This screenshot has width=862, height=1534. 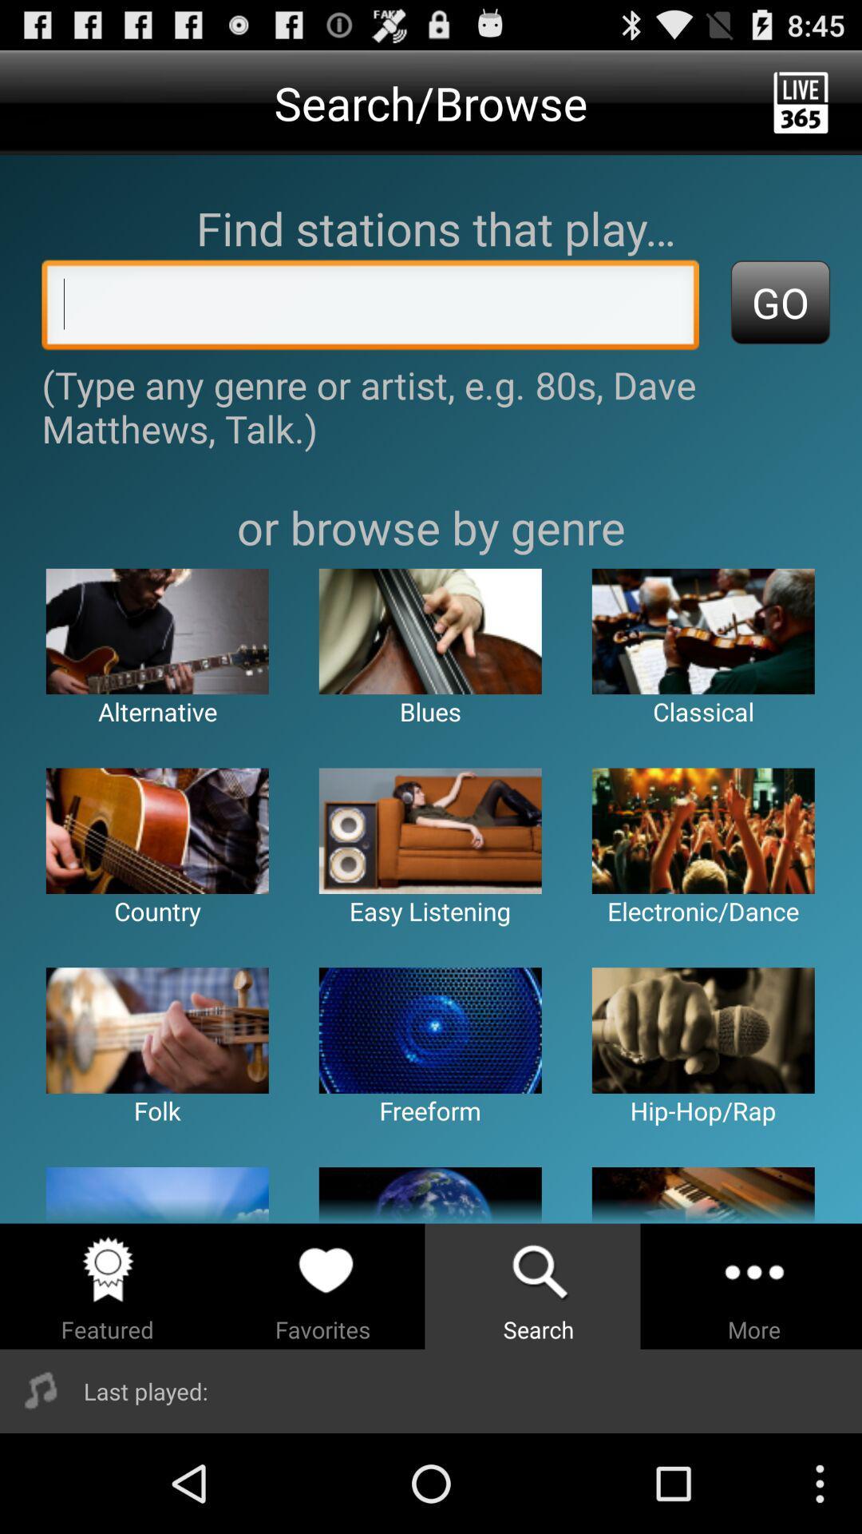 What do you see at coordinates (370, 309) in the screenshot?
I see `find a station to play` at bounding box center [370, 309].